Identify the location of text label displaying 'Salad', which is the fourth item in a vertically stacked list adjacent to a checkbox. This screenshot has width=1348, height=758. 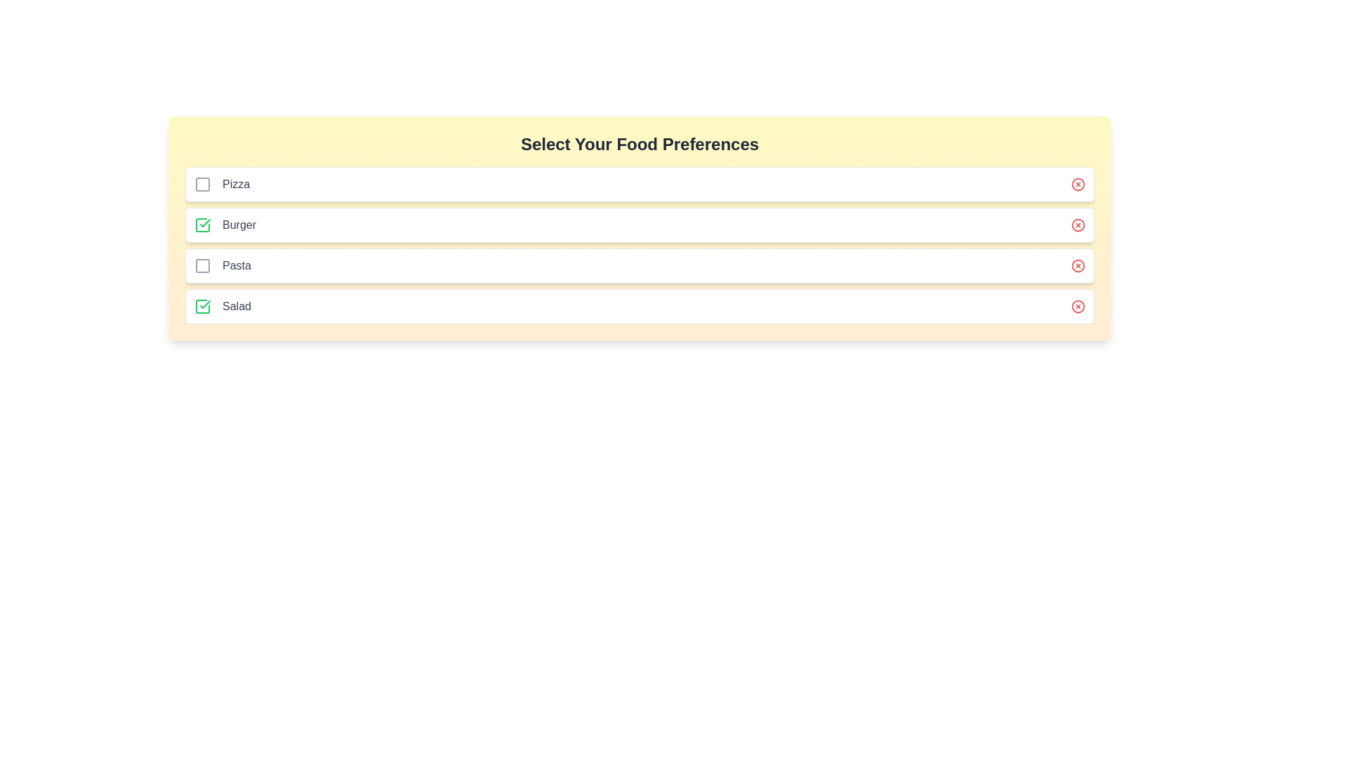
(222, 305).